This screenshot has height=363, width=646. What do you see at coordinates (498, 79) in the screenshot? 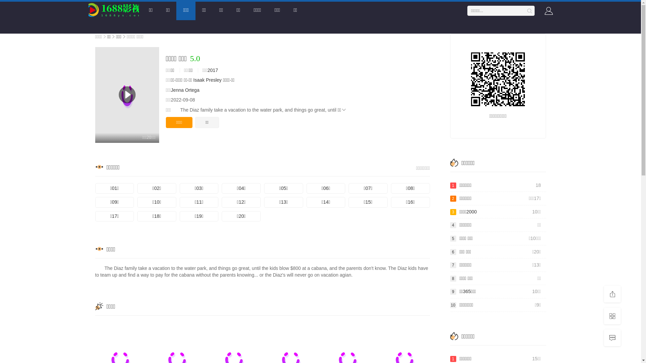
I see `'http://www.1688ys.com/voddetail/181049.html'` at bounding box center [498, 79].